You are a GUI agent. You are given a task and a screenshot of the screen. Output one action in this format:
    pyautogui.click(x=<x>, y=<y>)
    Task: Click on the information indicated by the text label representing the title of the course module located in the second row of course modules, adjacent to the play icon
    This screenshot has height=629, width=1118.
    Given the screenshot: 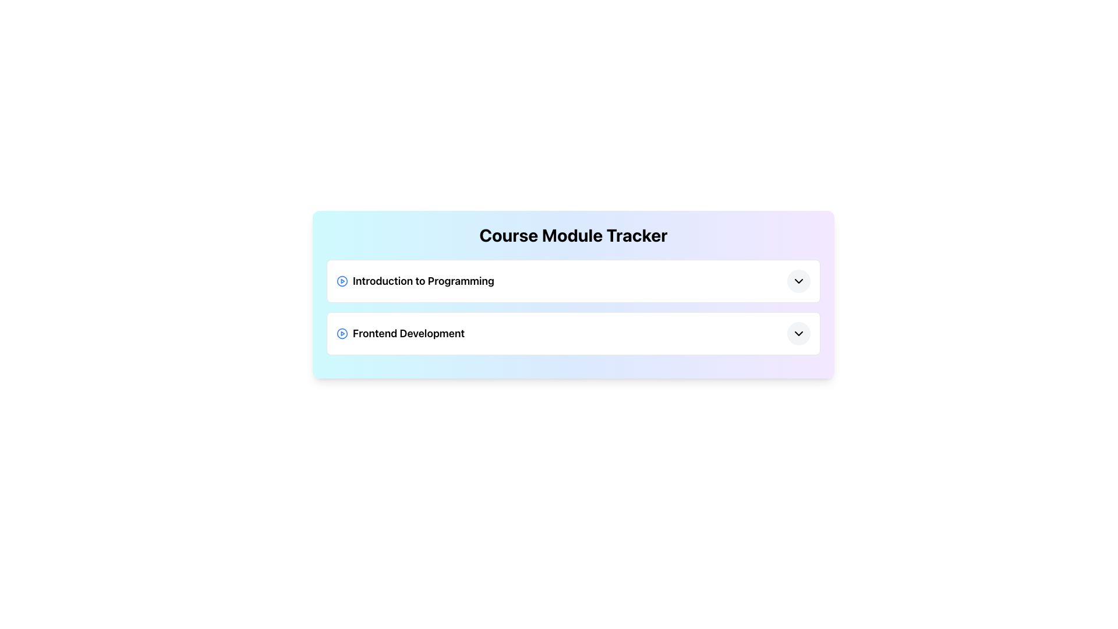 What is the action you would take?
    pyautogui.click(x=401, y=334)
    